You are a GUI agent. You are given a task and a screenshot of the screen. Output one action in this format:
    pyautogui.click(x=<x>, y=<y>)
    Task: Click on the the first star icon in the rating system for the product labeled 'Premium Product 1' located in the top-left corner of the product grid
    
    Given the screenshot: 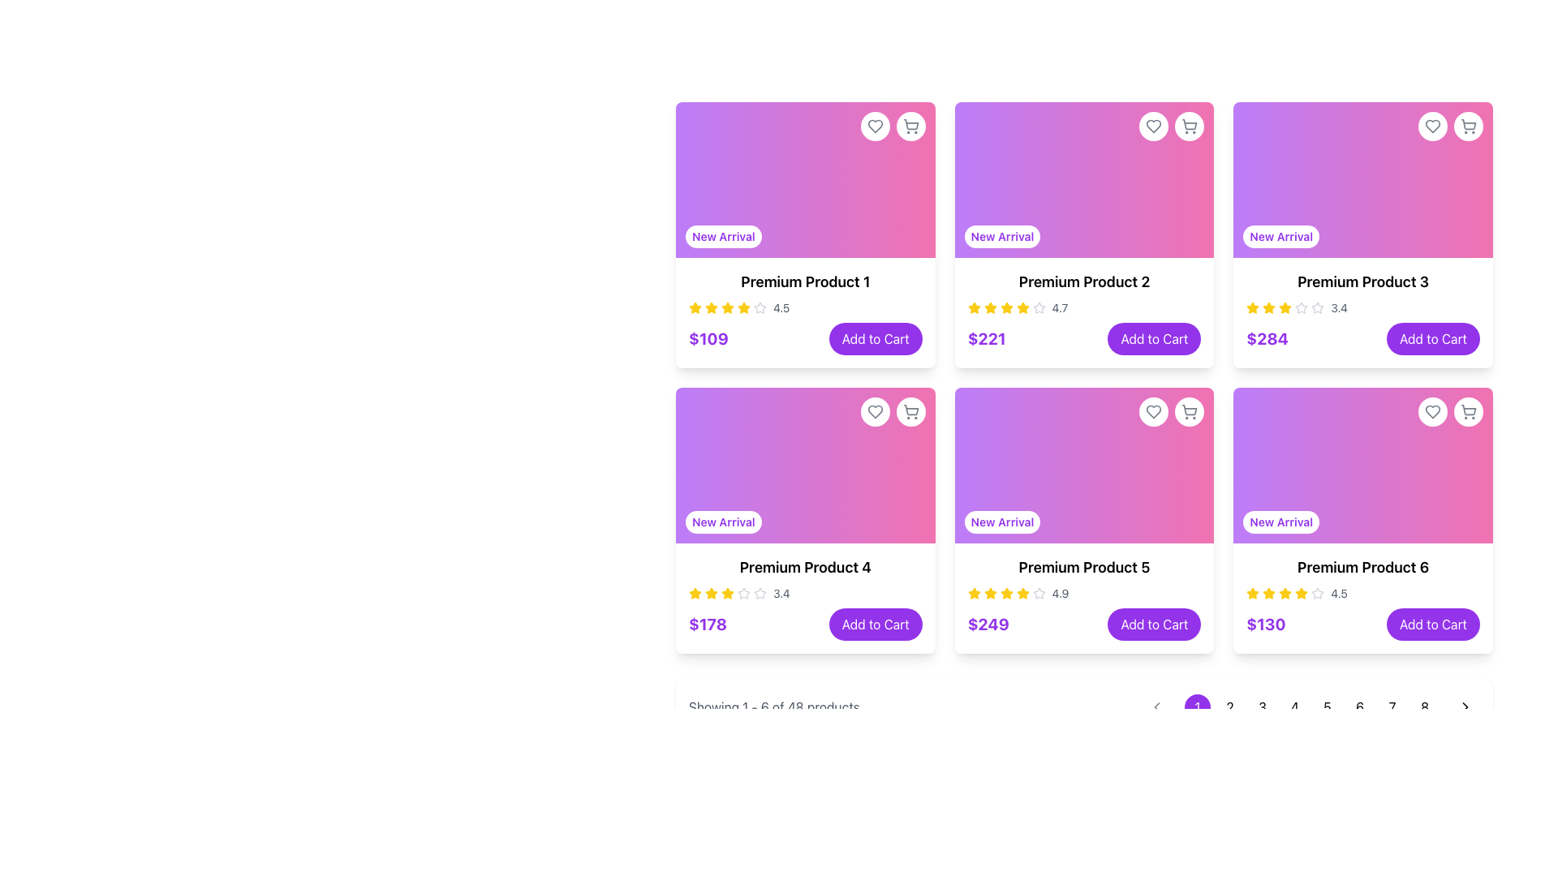 What is the action you would take?
    pyautogui.click(x=712, y=307)
    